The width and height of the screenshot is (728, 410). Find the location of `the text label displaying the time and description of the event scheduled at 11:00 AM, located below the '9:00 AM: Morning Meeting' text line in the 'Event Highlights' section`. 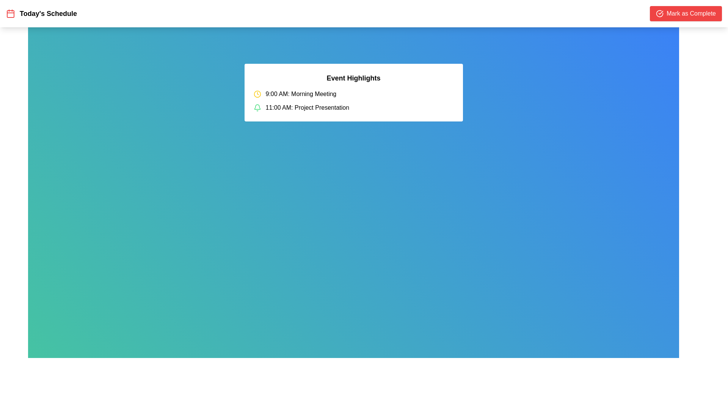

the text label displaying the time and description of the event scheduled at 11:00 AM, located below the '9:00 AM: Morning Meeting' text line in the 'Event Highlights' section is located at coordinates (307, 108).